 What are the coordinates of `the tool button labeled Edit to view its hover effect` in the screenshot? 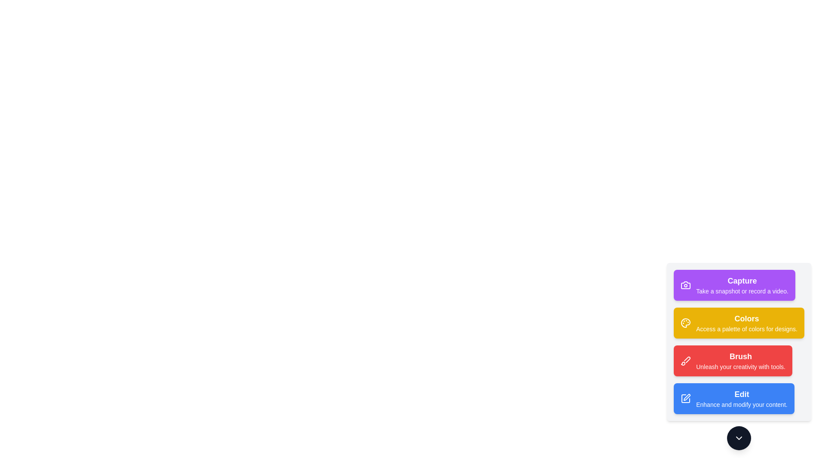 It's located at (733, 399).